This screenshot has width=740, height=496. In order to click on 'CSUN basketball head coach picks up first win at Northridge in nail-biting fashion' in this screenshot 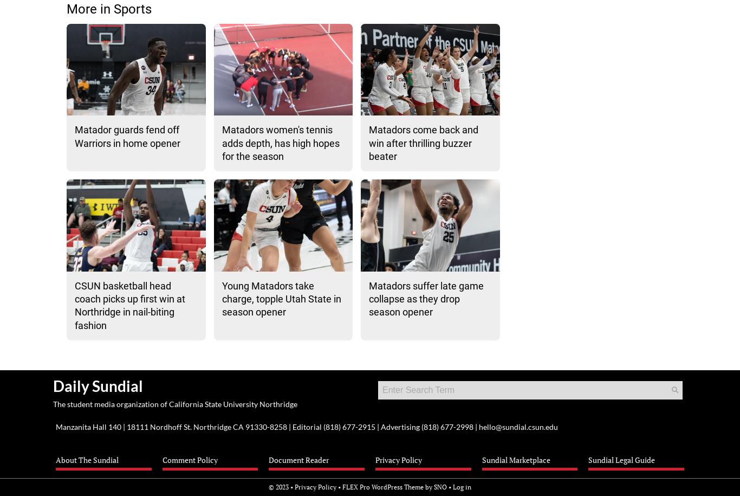, I will do `click(130, 304)`.